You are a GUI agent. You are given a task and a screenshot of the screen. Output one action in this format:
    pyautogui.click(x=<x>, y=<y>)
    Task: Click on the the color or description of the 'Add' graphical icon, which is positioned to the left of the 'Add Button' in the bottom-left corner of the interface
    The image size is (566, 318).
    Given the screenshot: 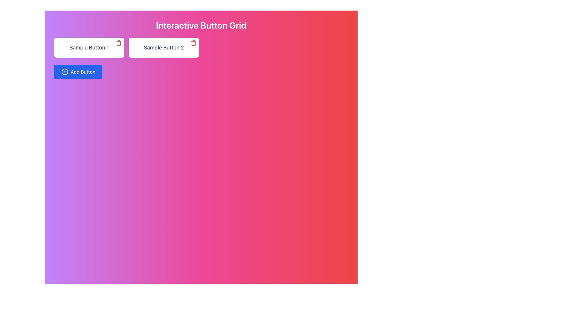 What is the action you would take?
    pyautogui.click(x=65, y=71)
    